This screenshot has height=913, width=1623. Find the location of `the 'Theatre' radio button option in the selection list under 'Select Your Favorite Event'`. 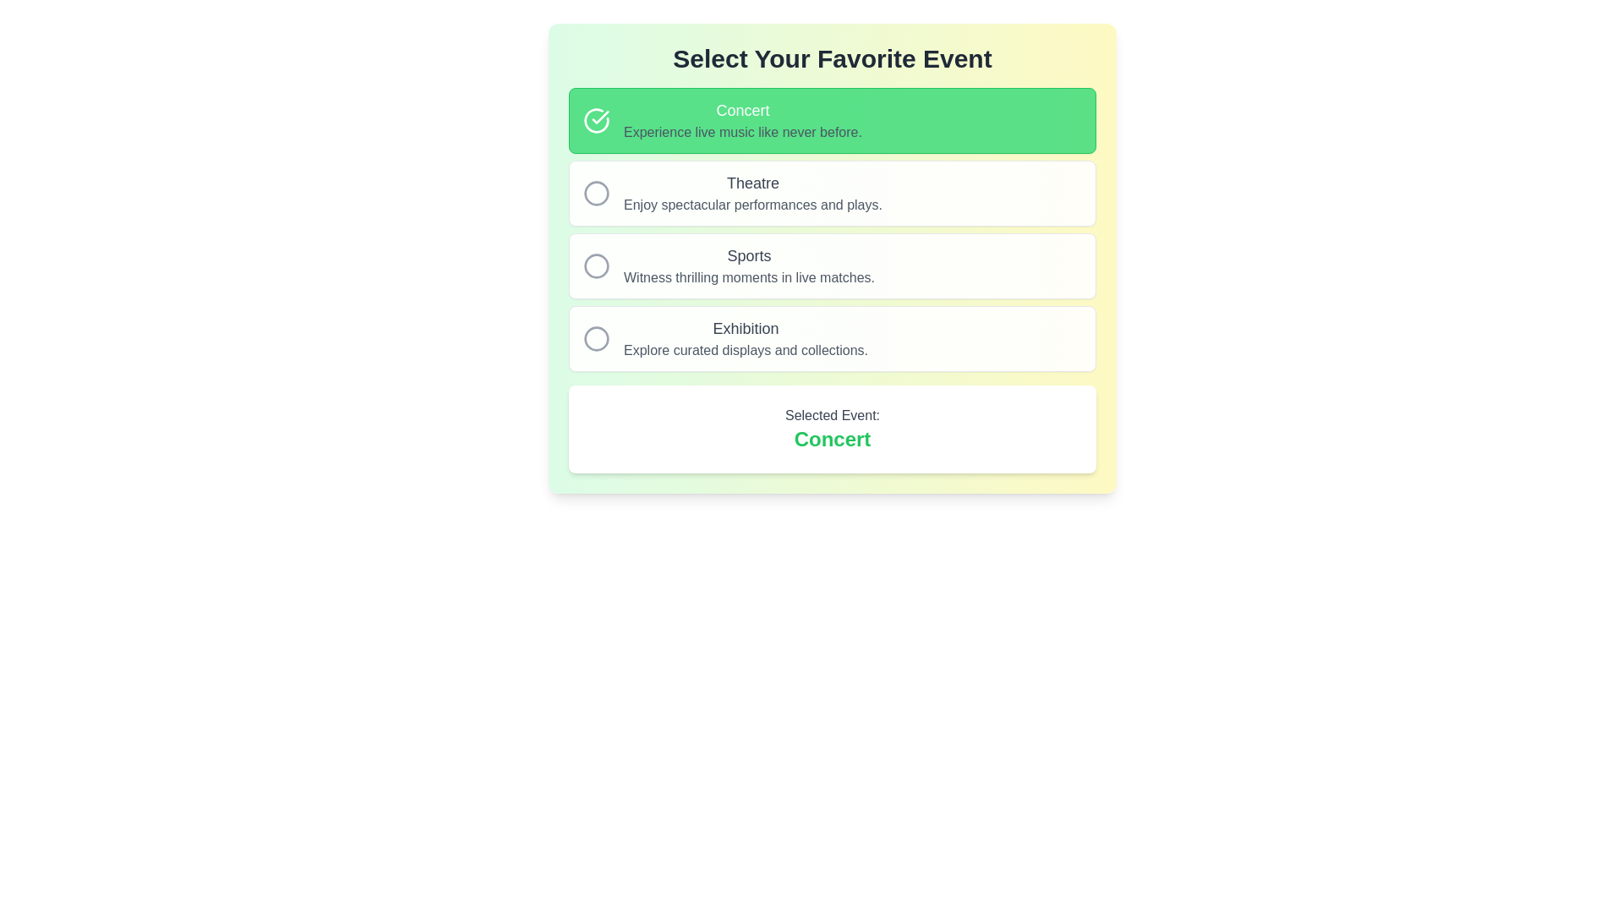

the 'Theatre' radio button option in the selection list under 'Select Your Favorite Event' is located at coordinates (832, 192).